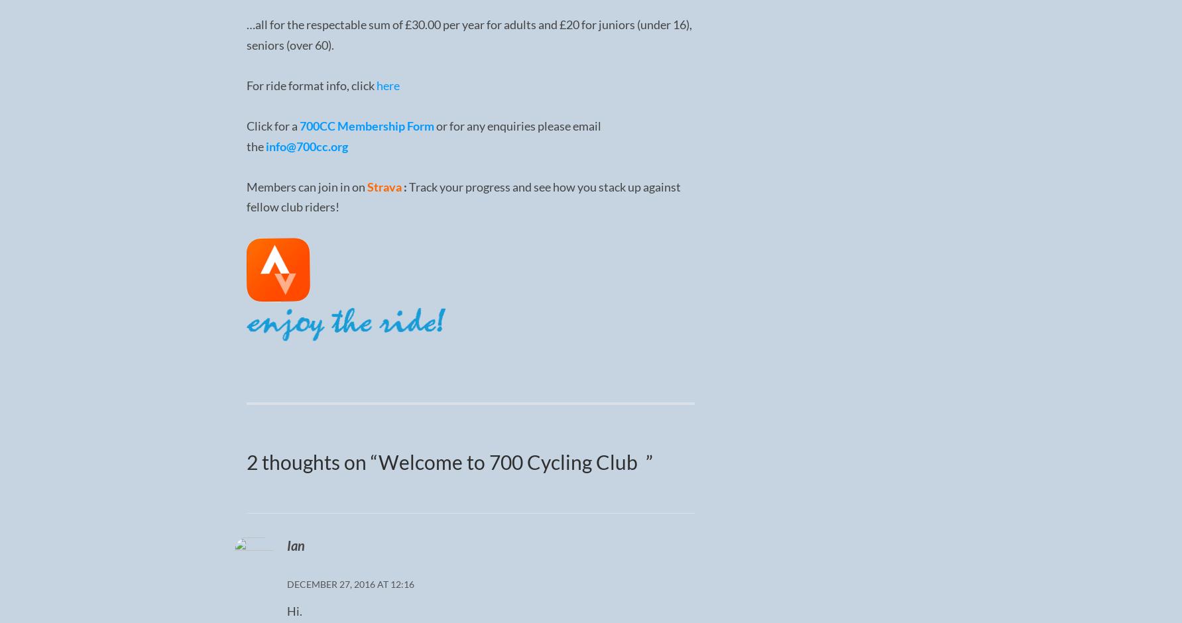 Image resolution: width=1182 pixels, height=623 pixels. What do you see at coordinates (462, 196) in the screenshot?
I see `'Track your progress and see how you stack up against fellow club riders!'` at bounding box center [462, 196].